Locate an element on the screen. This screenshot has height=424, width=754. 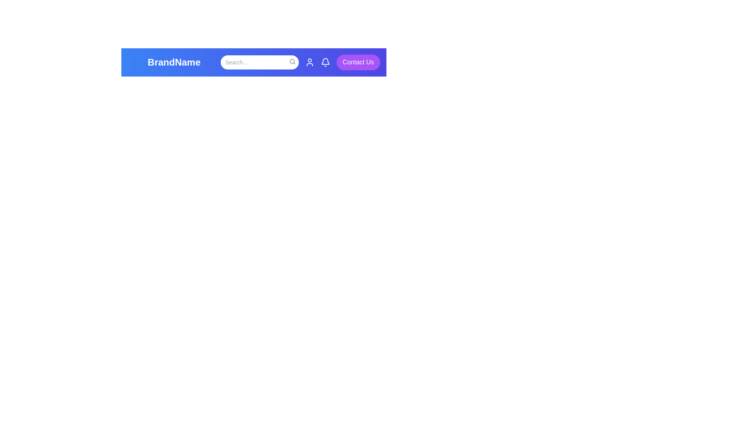
the 'Contact Us' button is located at coordinates (358, 62).